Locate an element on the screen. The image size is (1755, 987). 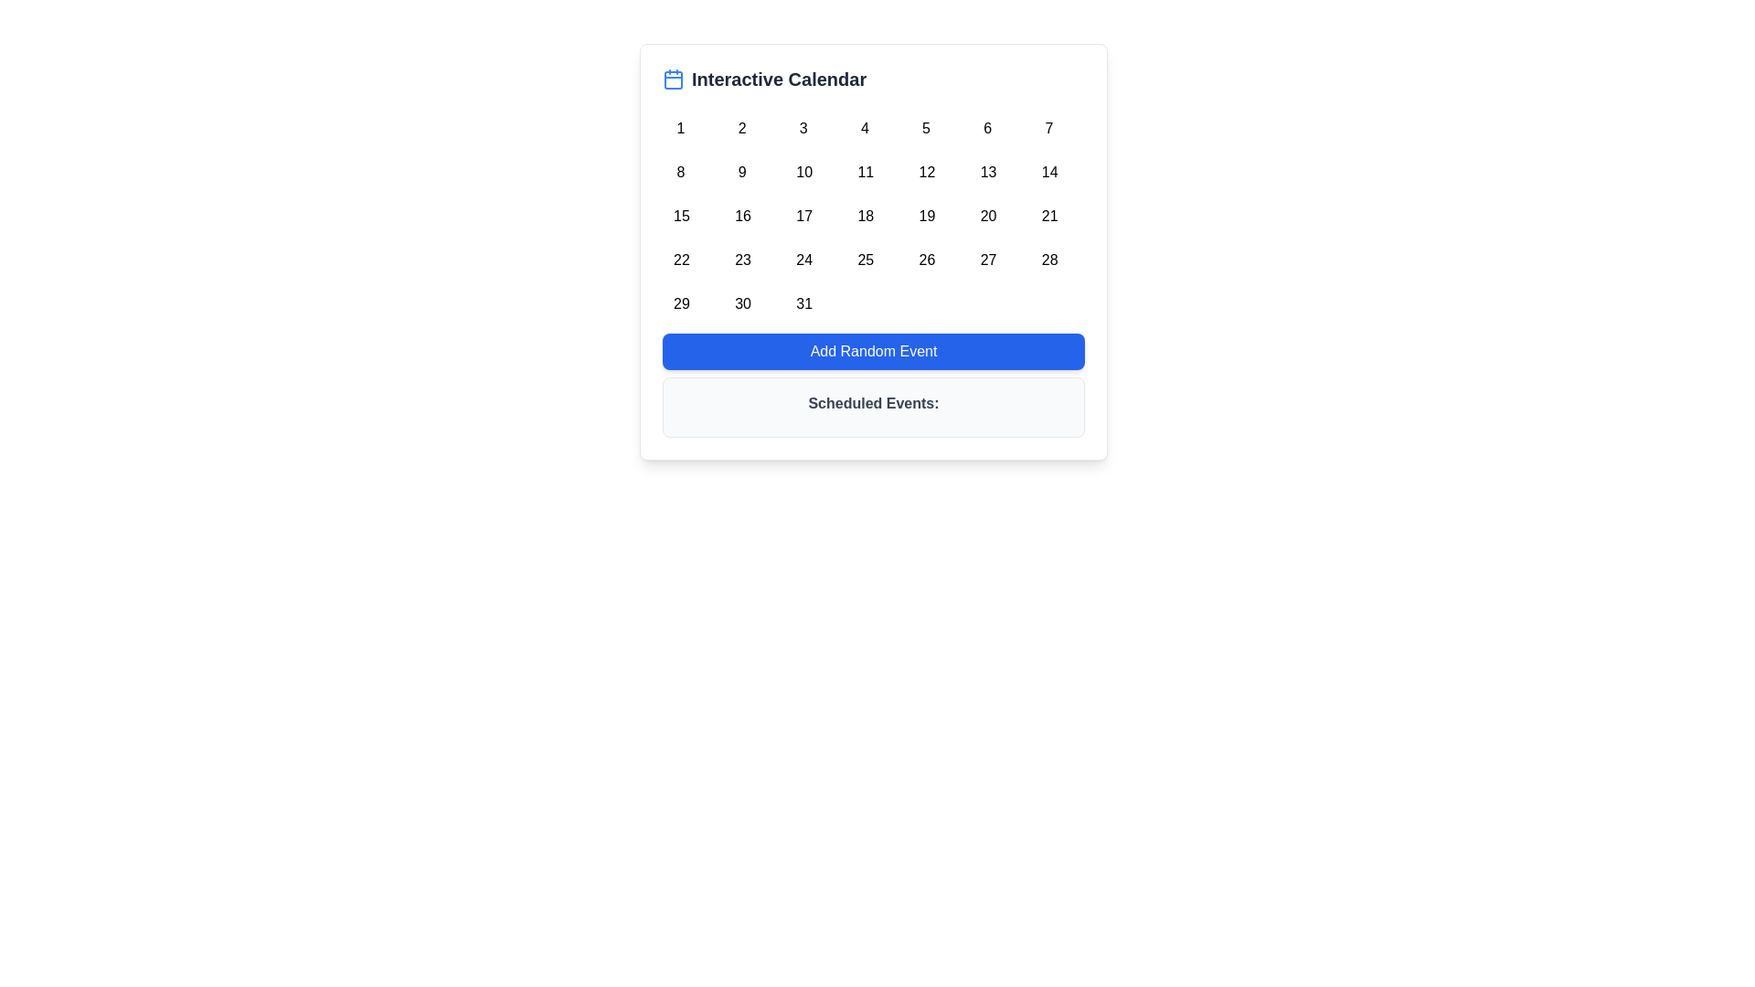
the square button with a light background and the number '25' centered in bold text is located at coordinates (864, 257).